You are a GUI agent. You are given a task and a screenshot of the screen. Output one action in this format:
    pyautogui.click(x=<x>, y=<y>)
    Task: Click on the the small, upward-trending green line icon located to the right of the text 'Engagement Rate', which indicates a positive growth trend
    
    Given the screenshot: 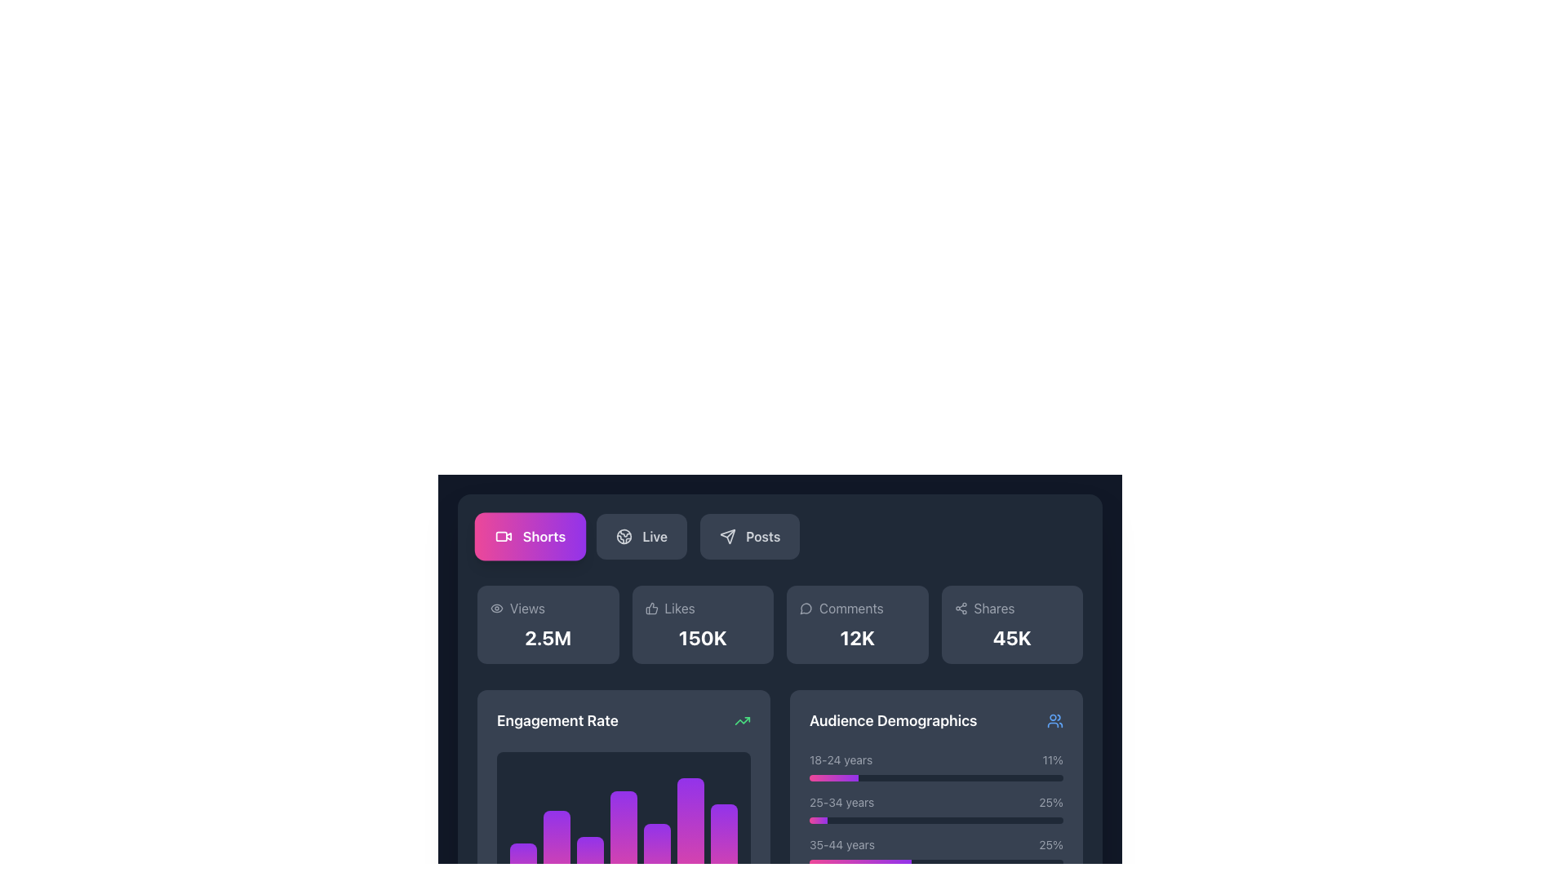 What is the action you would take?
    pyautogui.click(x=742, y=719)
    